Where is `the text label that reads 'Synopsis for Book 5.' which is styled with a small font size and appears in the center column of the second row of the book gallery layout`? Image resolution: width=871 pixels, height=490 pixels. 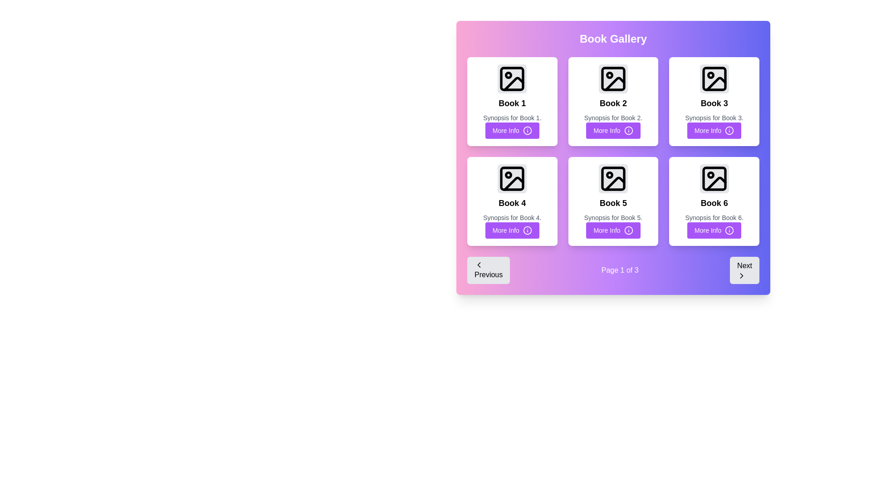
the text label that reads 'Synopsis for Book 5.' which is styled with a small font size and appears in the center column of the second row of the book gallery layout is located at coordinates (613, 217).